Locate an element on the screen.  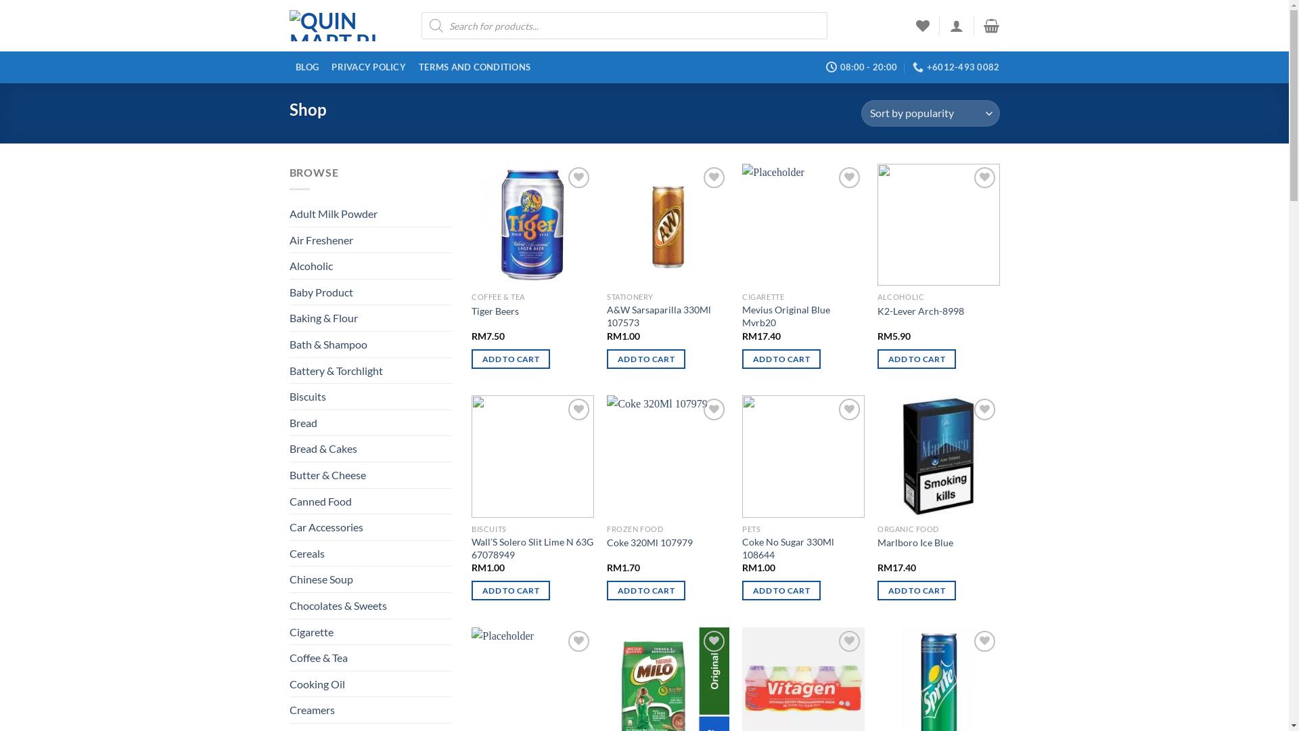
'Cereals' is located at coordinates (370, 553).